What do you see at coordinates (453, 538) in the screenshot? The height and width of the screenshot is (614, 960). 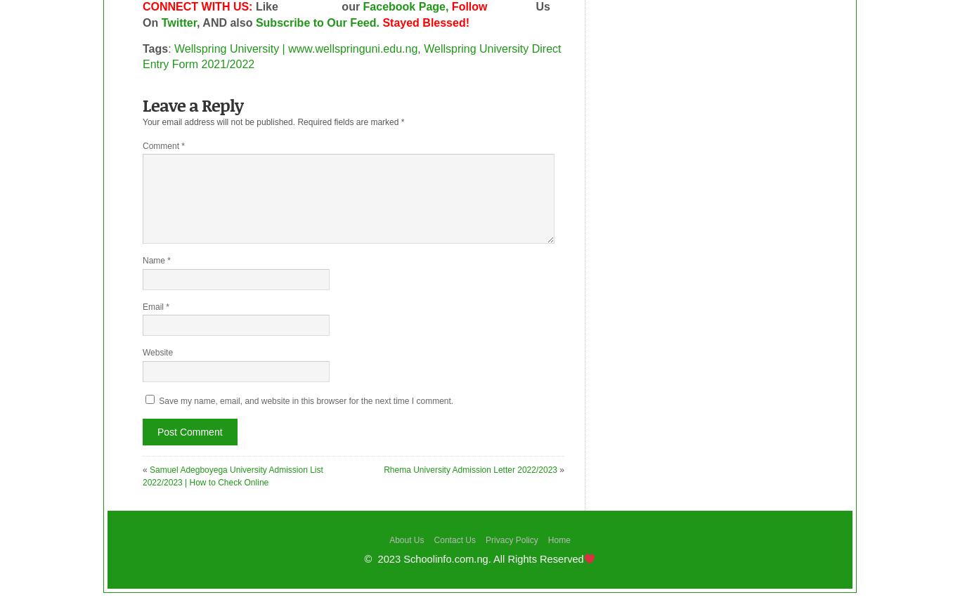 I see `'Contact Us'` at bounding box center [453, 538].